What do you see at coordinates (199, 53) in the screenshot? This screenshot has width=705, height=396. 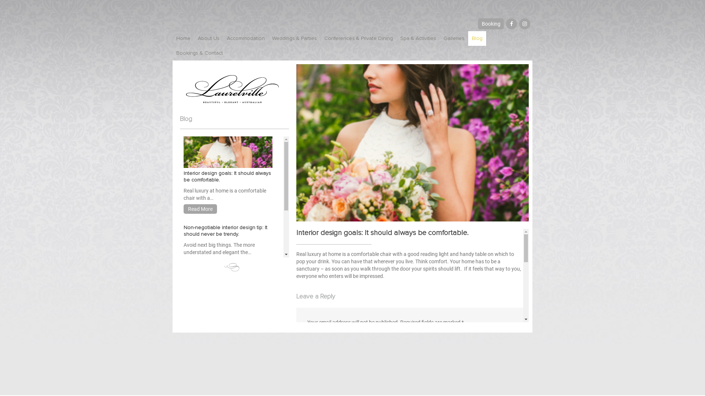 I see `'Bookings & Contact'` at bounding box center [199, 53].